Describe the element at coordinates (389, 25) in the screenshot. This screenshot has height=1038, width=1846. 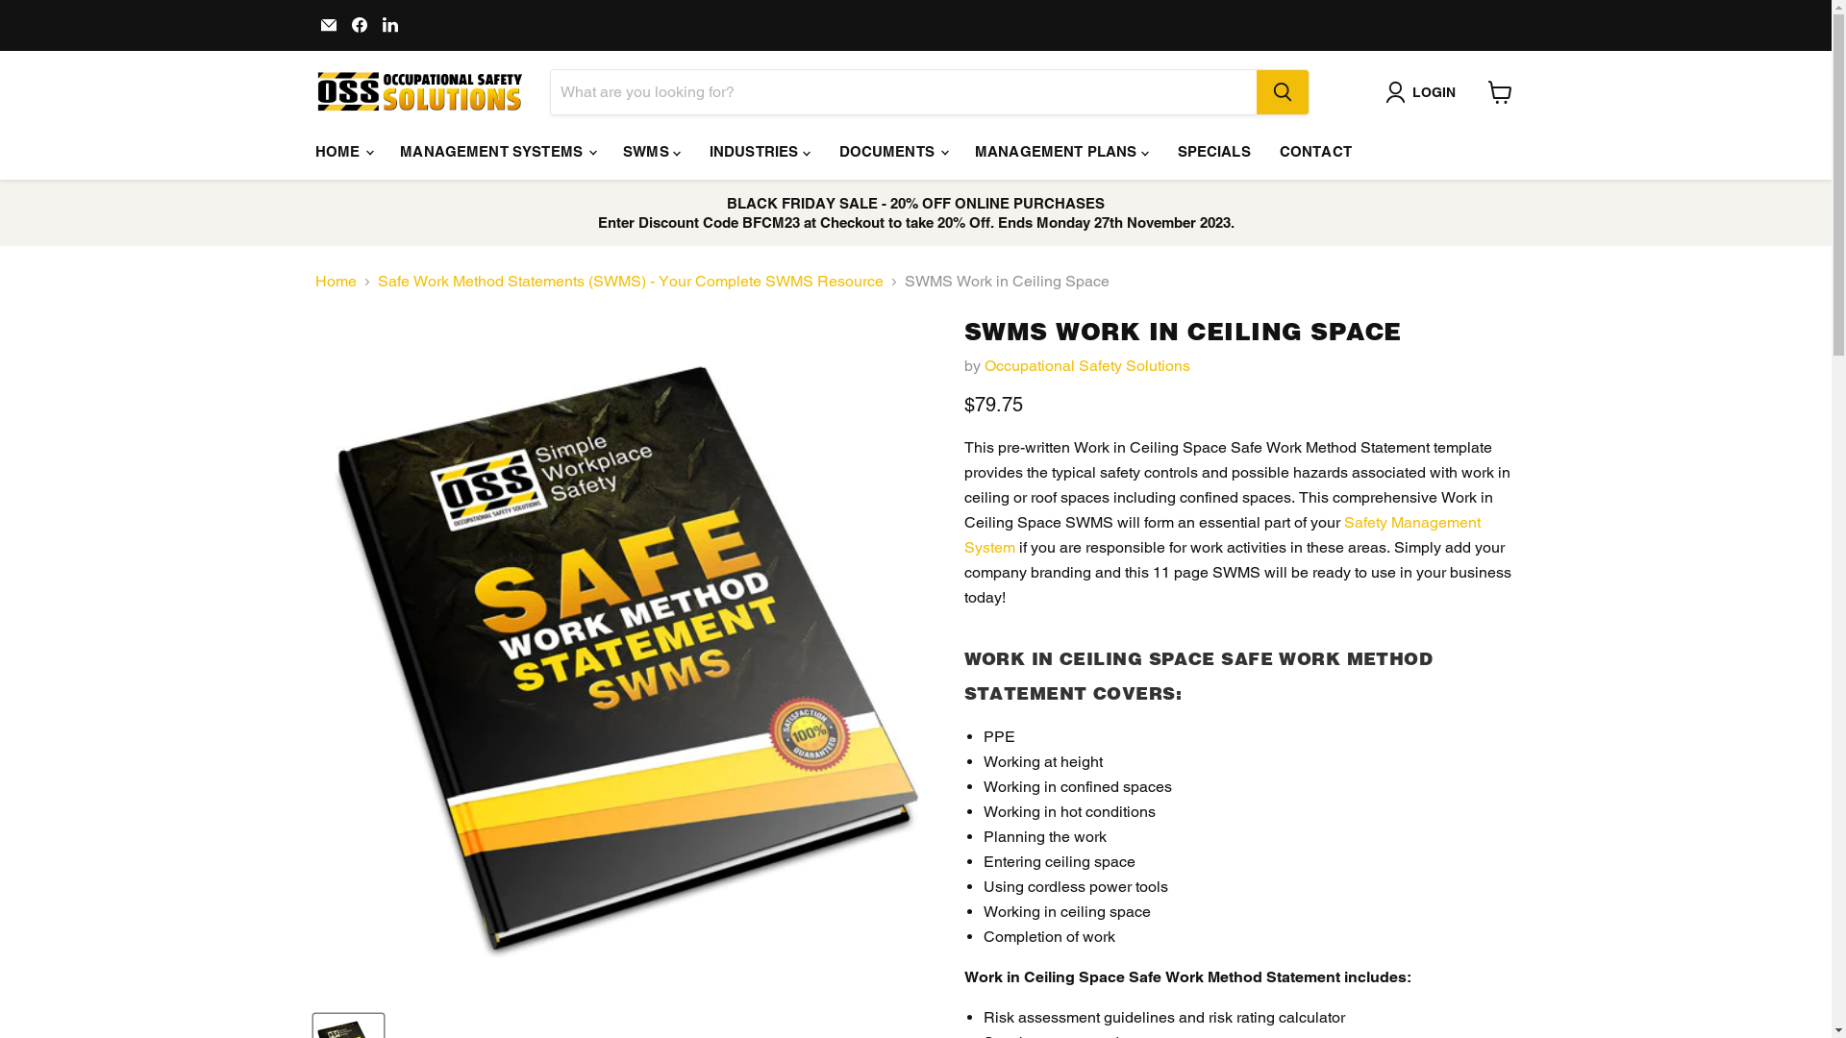
I see `'Find us on LinkedIn'` at that location.